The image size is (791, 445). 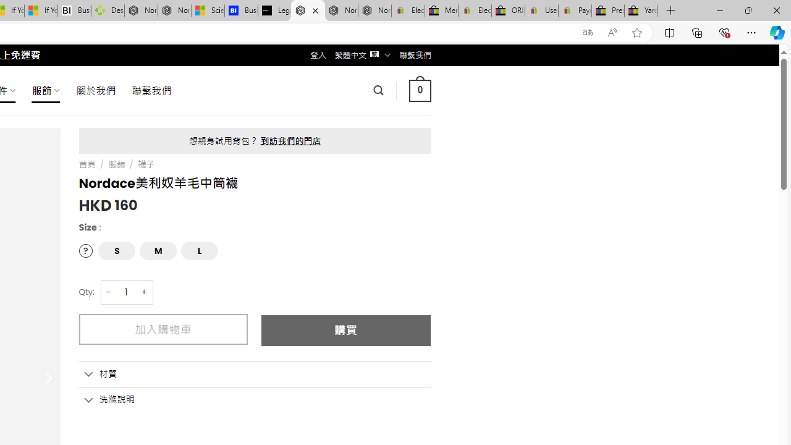 I want to click on ' 0 ', so click(x=420, y=90).